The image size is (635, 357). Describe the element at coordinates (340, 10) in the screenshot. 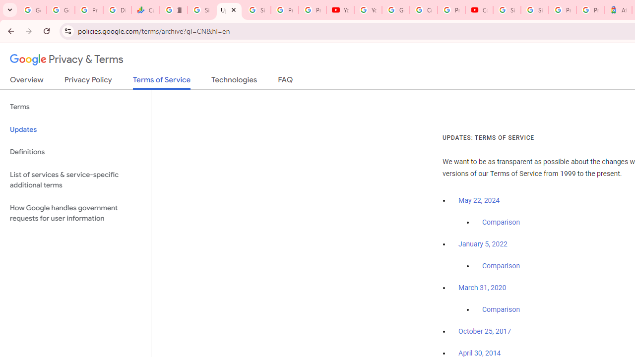

I see `'YouTube'` at that location.